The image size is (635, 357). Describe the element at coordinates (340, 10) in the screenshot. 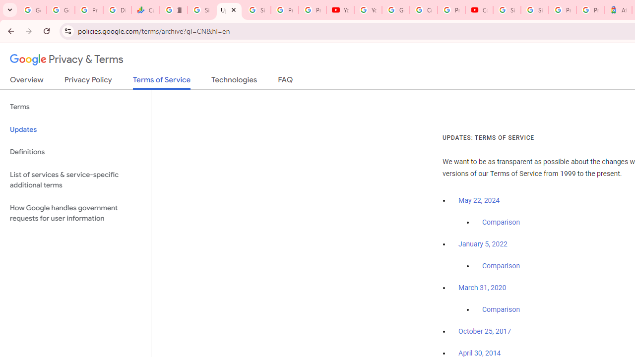

I see `'YouTube'` at that location.